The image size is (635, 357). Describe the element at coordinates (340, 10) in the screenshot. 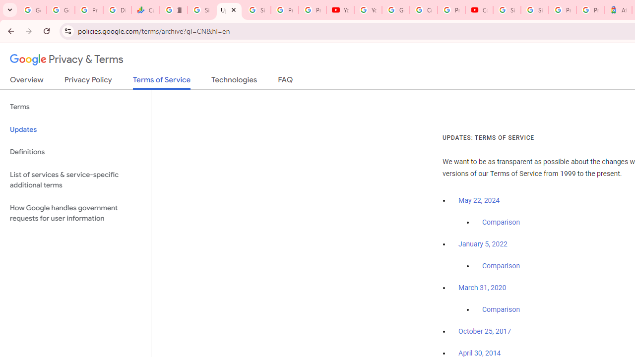

I see `'YouTube'` at that location.